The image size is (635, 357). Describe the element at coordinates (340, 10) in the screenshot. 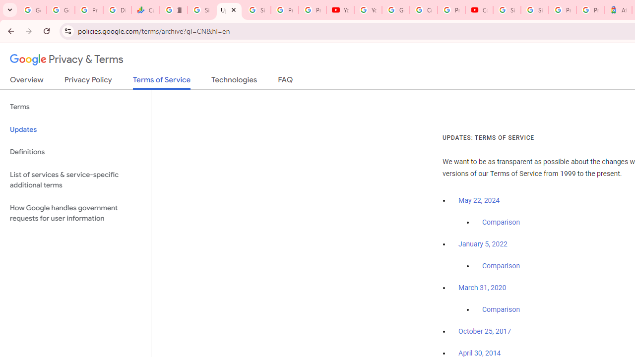

I see `'YouTube'` at that location.